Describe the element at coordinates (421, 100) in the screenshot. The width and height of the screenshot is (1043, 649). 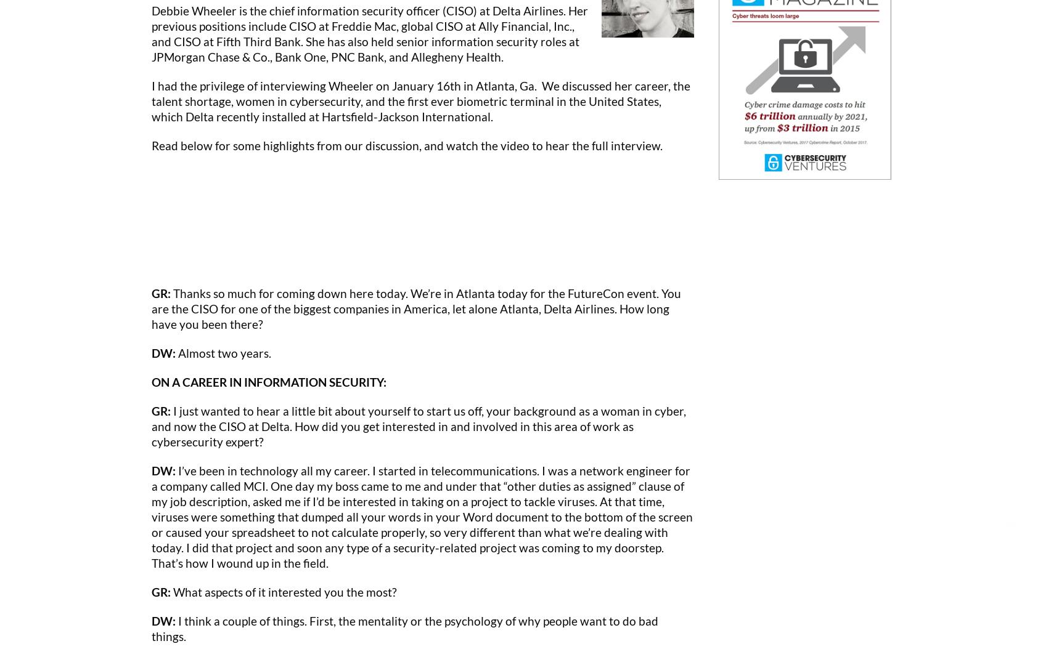
I see `'We discussed her career, the talent shortage, women in cybersecurity, and the first ever biometric terminal in the United States, which Delta recently installed at Hartsfield-Jackson International.'` at that location.